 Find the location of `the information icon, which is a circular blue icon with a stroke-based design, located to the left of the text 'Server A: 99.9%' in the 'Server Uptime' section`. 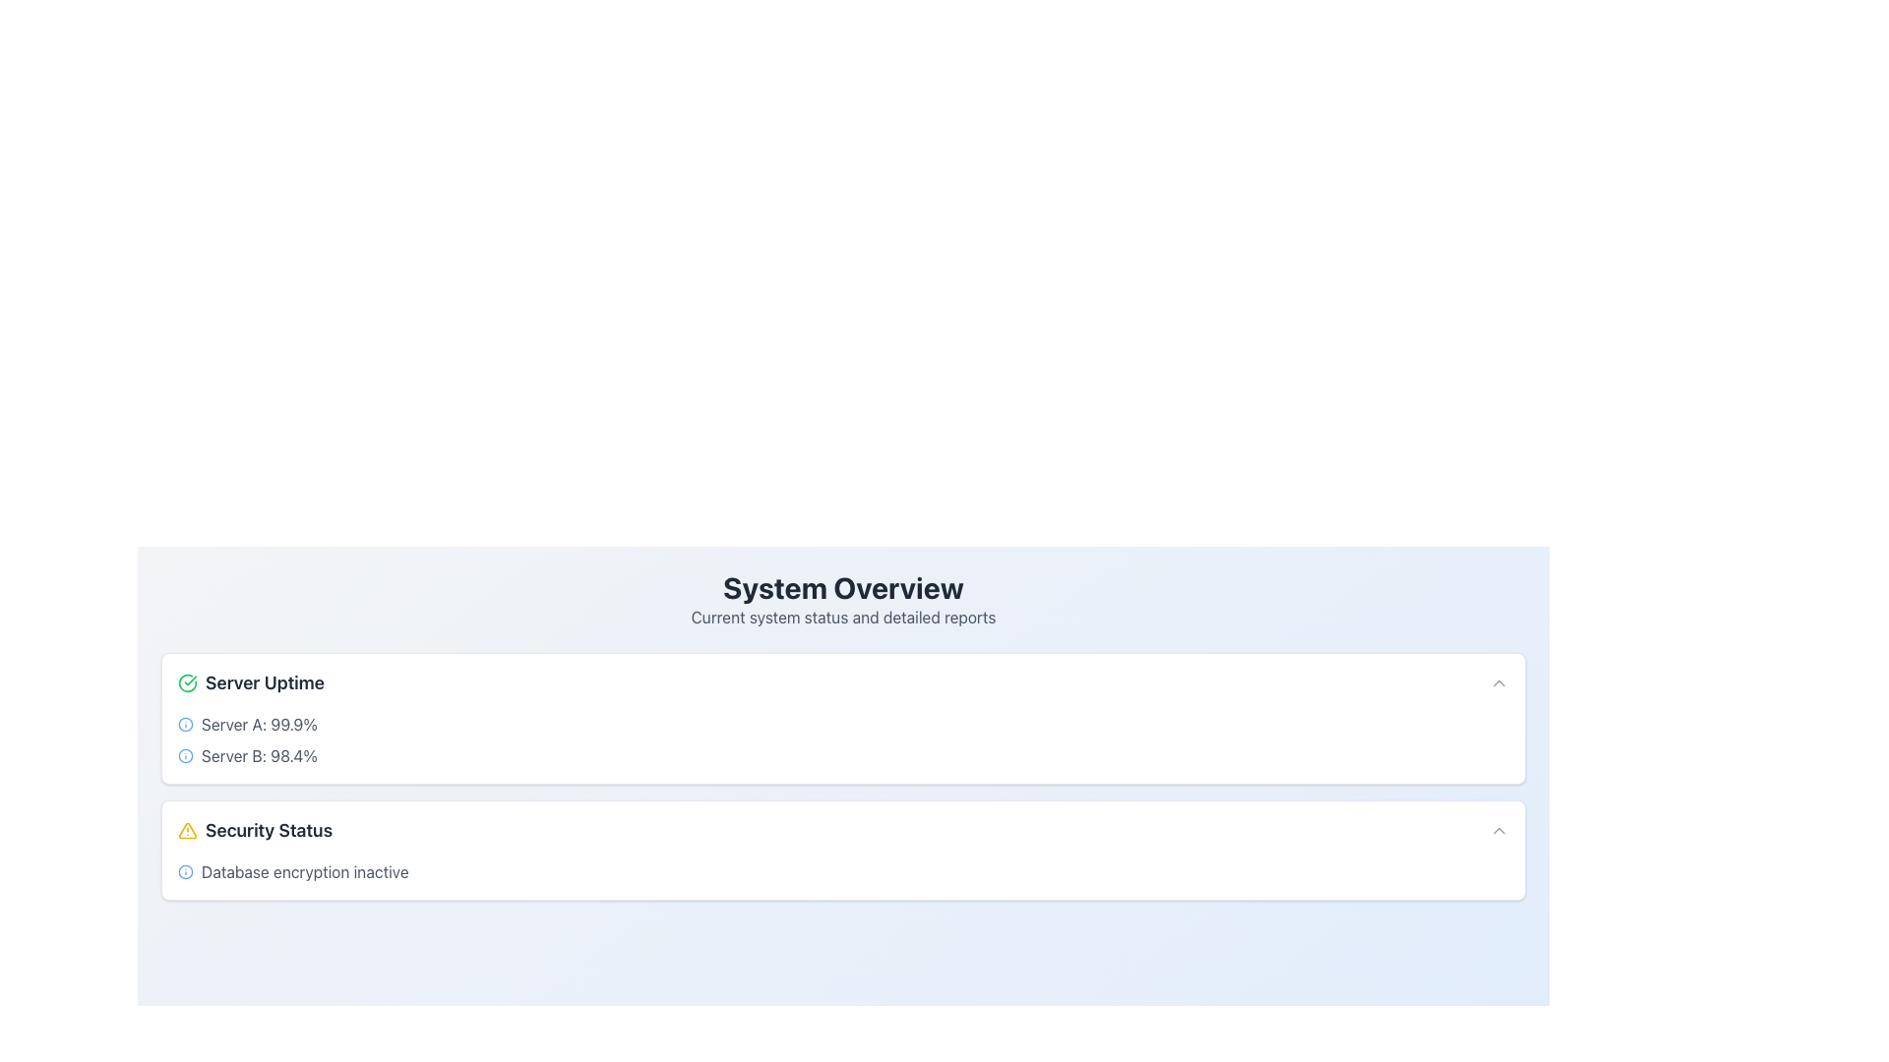

the information icon, which is a circular blue icon with a stroke-based design, located to the left of the text 'Server A: 99.9%' in the 'Server Uptime' section is located at coordinates (185, 724).